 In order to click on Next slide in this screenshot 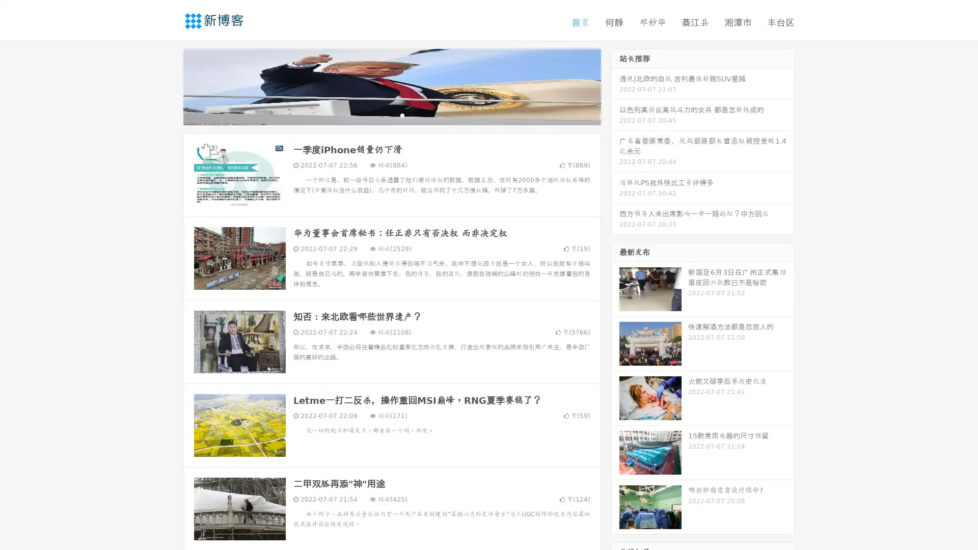, I will do `click(615, 86)`.